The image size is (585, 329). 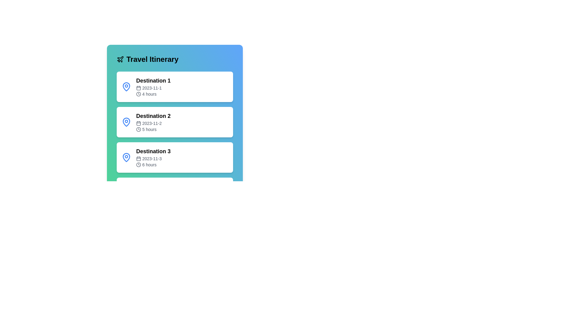 What do you see at coordinates (138, 164) in the screenshot?
I see `the time duration icon located to the left of the '6 hours' text in the 'Destination 3' section of the travel itinerary interface` at bounding box center [138, 164].